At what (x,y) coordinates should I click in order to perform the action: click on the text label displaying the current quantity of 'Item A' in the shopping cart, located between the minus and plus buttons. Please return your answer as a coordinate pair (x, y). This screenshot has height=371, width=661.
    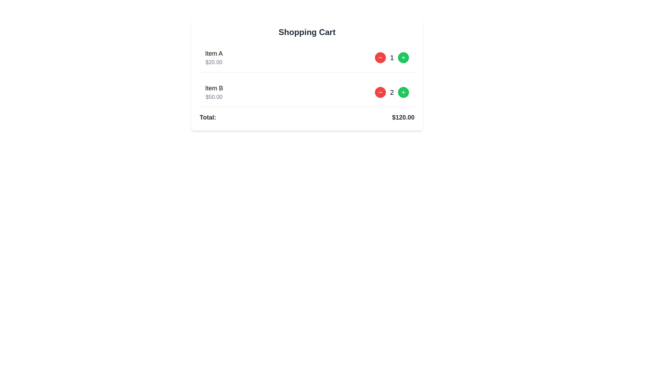
    Looking at the image, I should click on (392, 57).